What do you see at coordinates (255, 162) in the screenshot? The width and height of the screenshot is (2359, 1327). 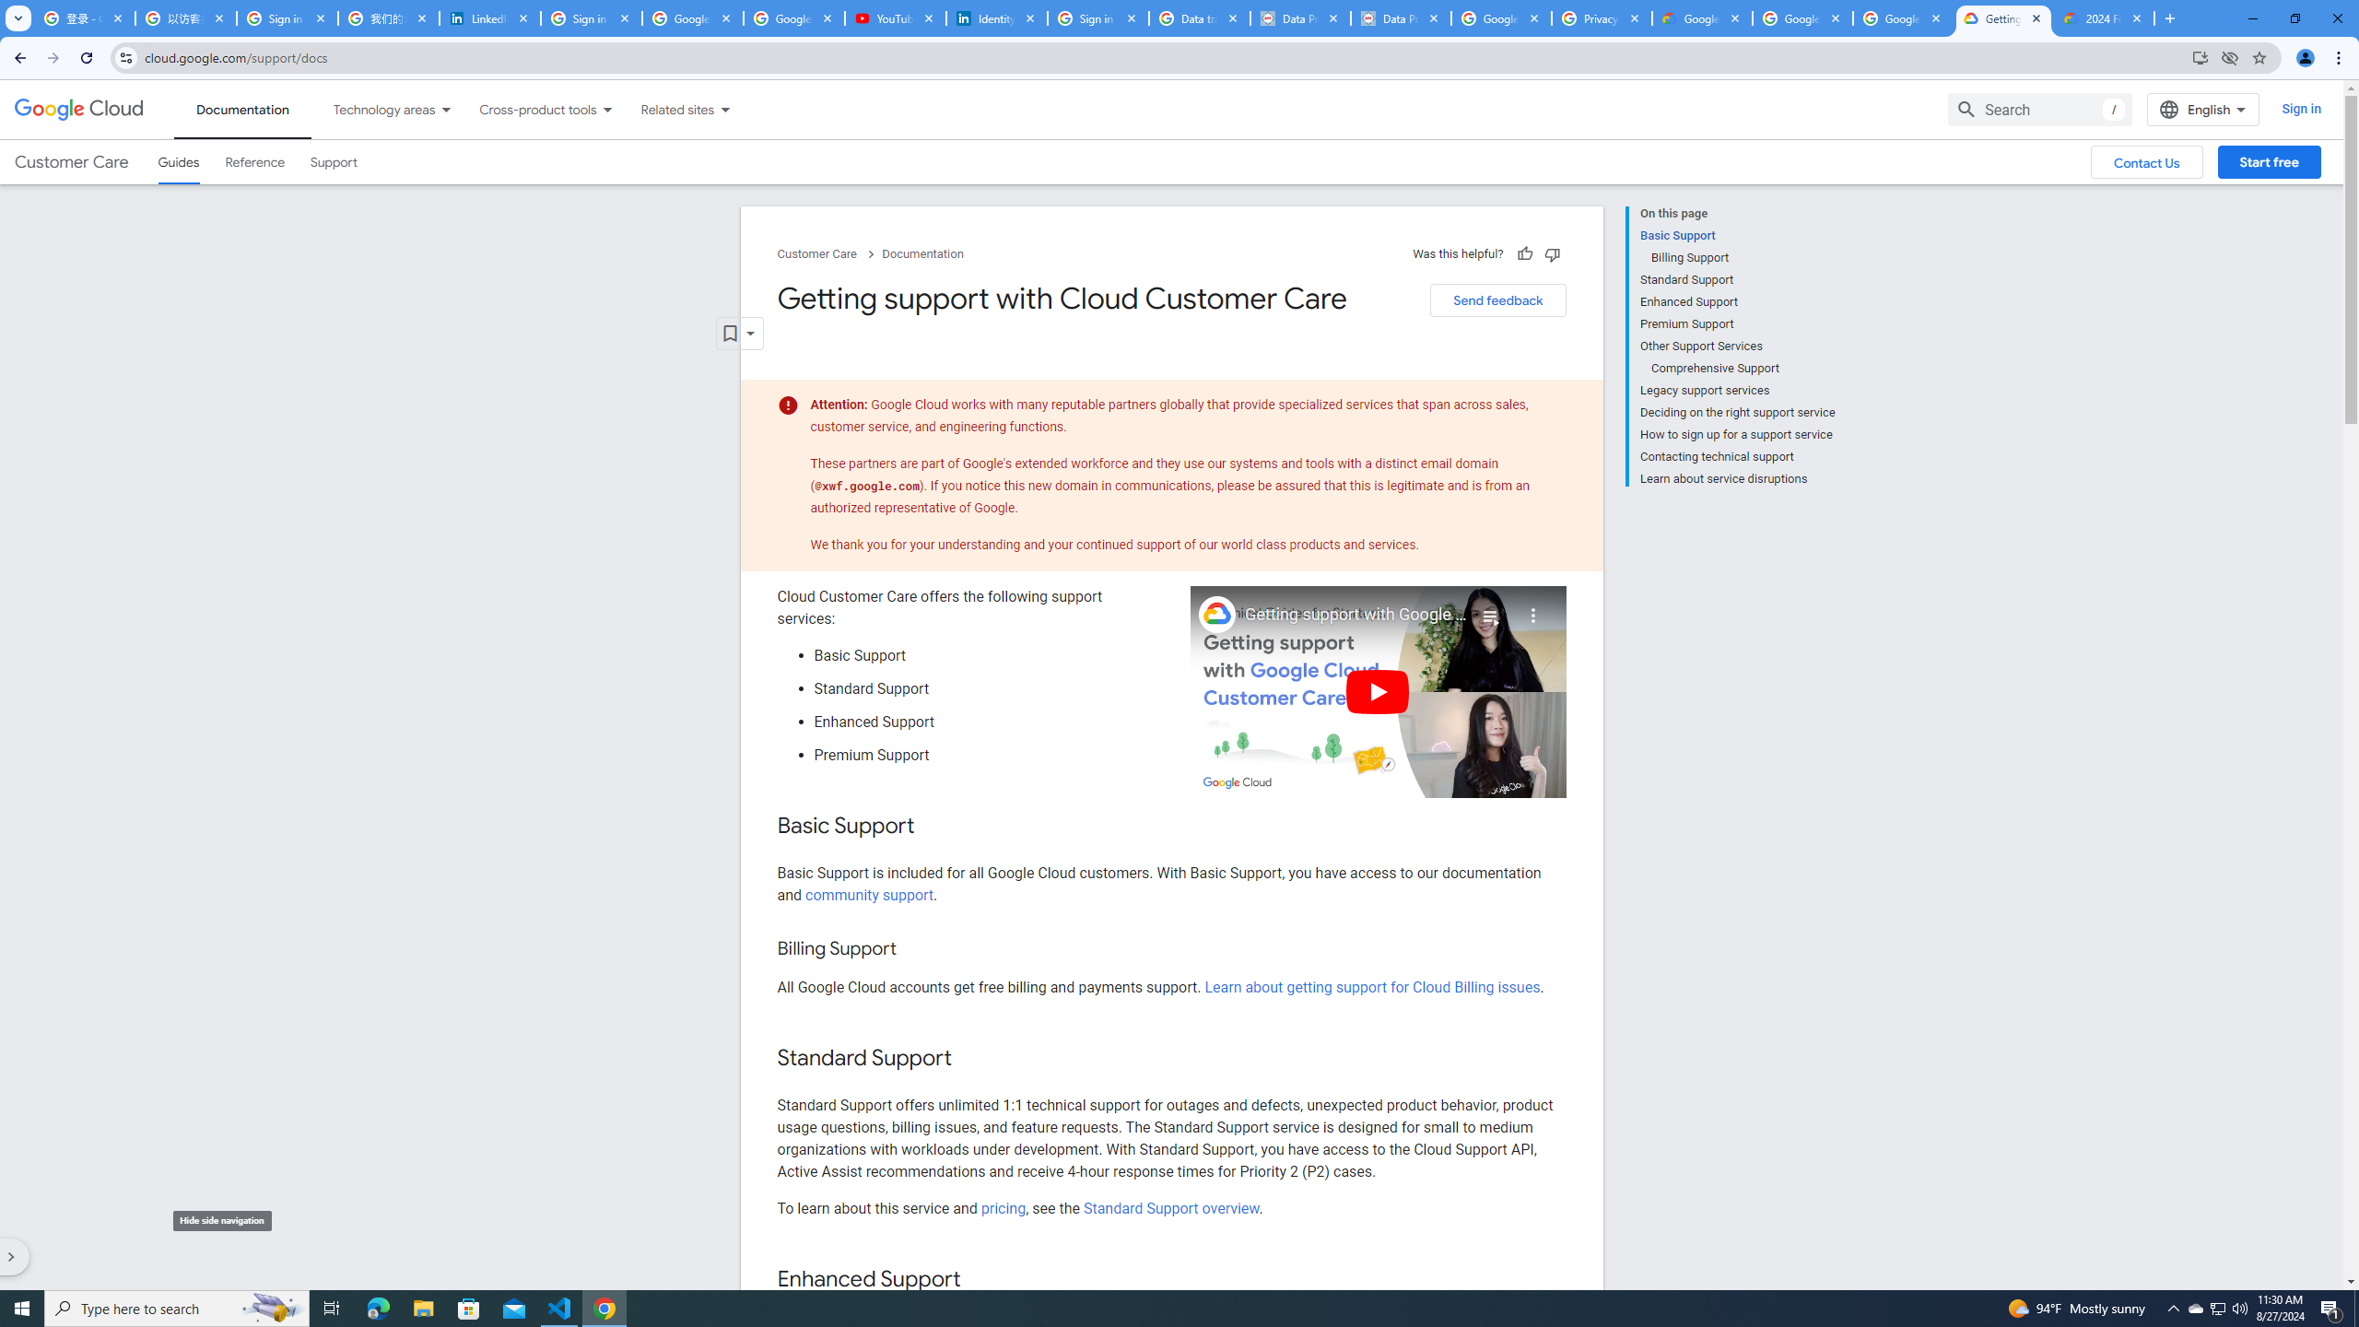 I see `'Reference'` at bounding box center [255, 162].